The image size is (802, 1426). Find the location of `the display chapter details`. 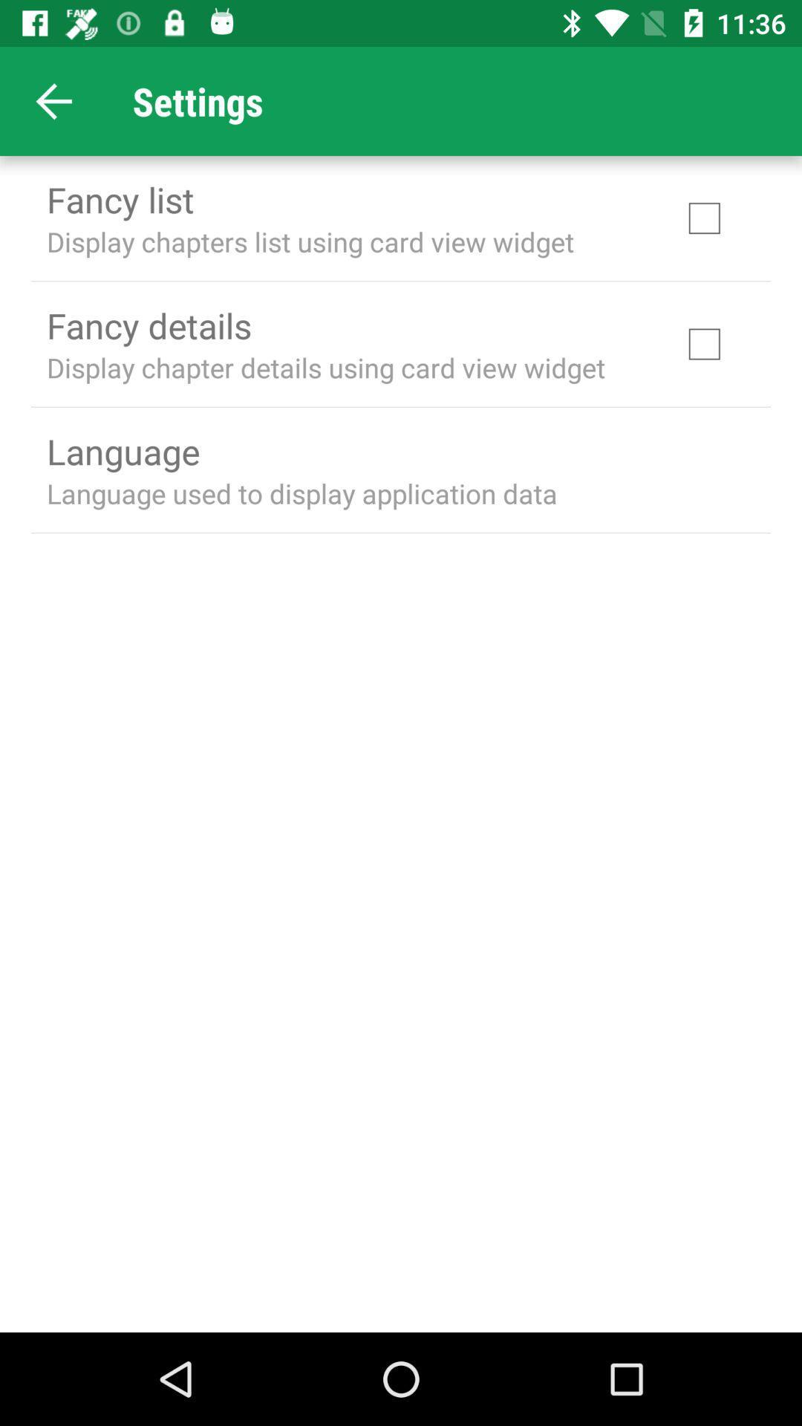

the display chapter details is located at coordinates (325, 367).